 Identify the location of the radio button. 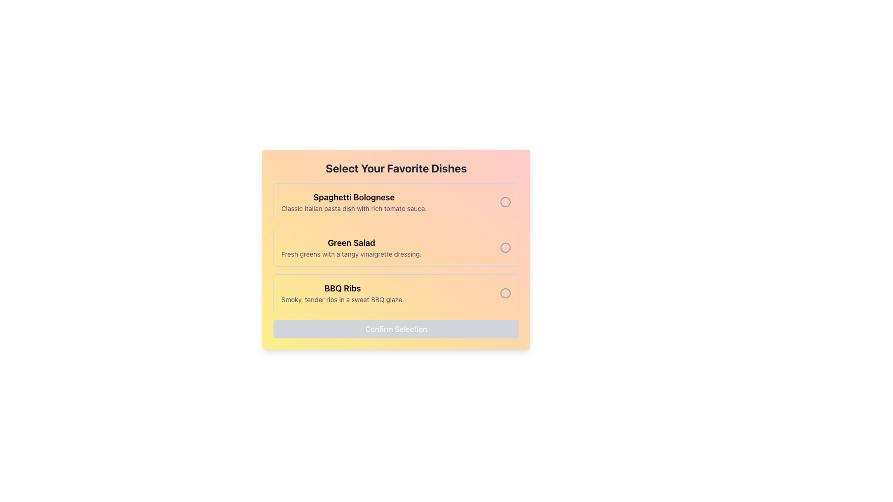
(505, 247).